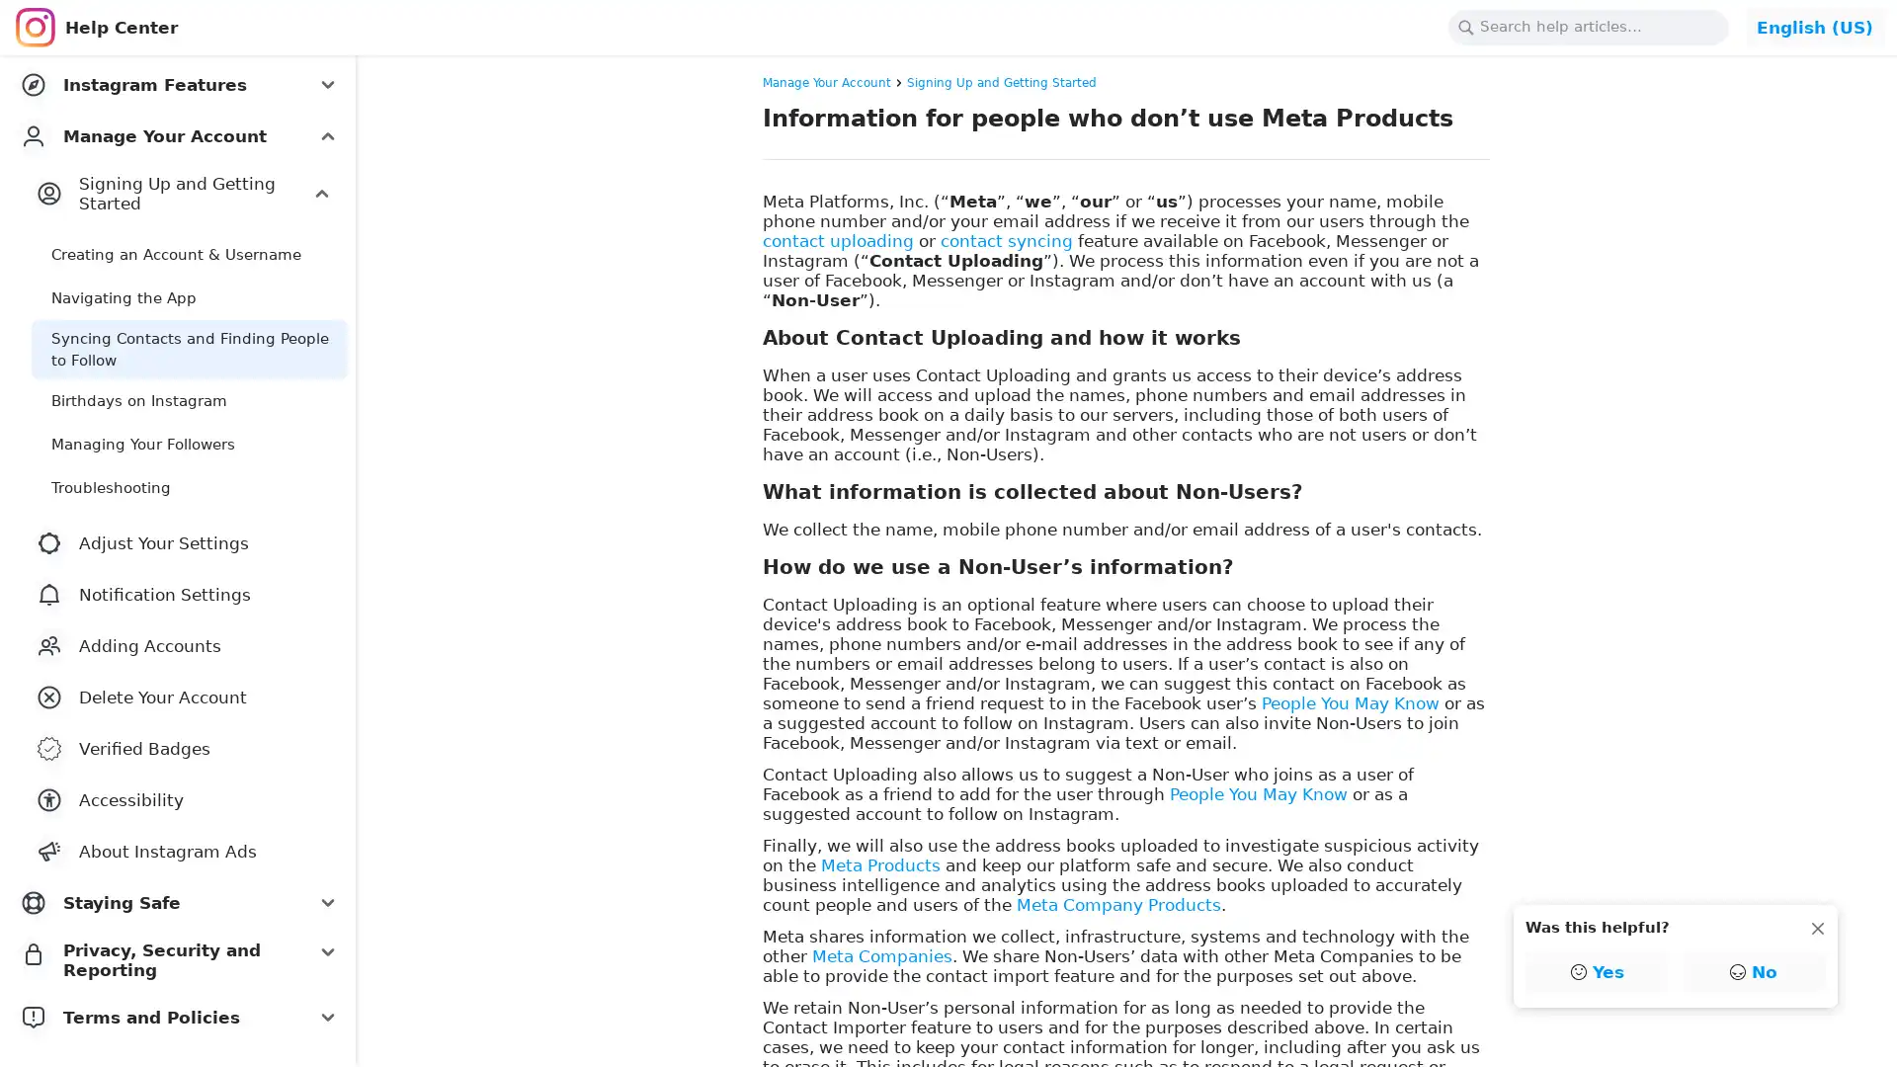  Describe the element at coordinates (1754, 970) in the screenshot. I see `No` at that location.